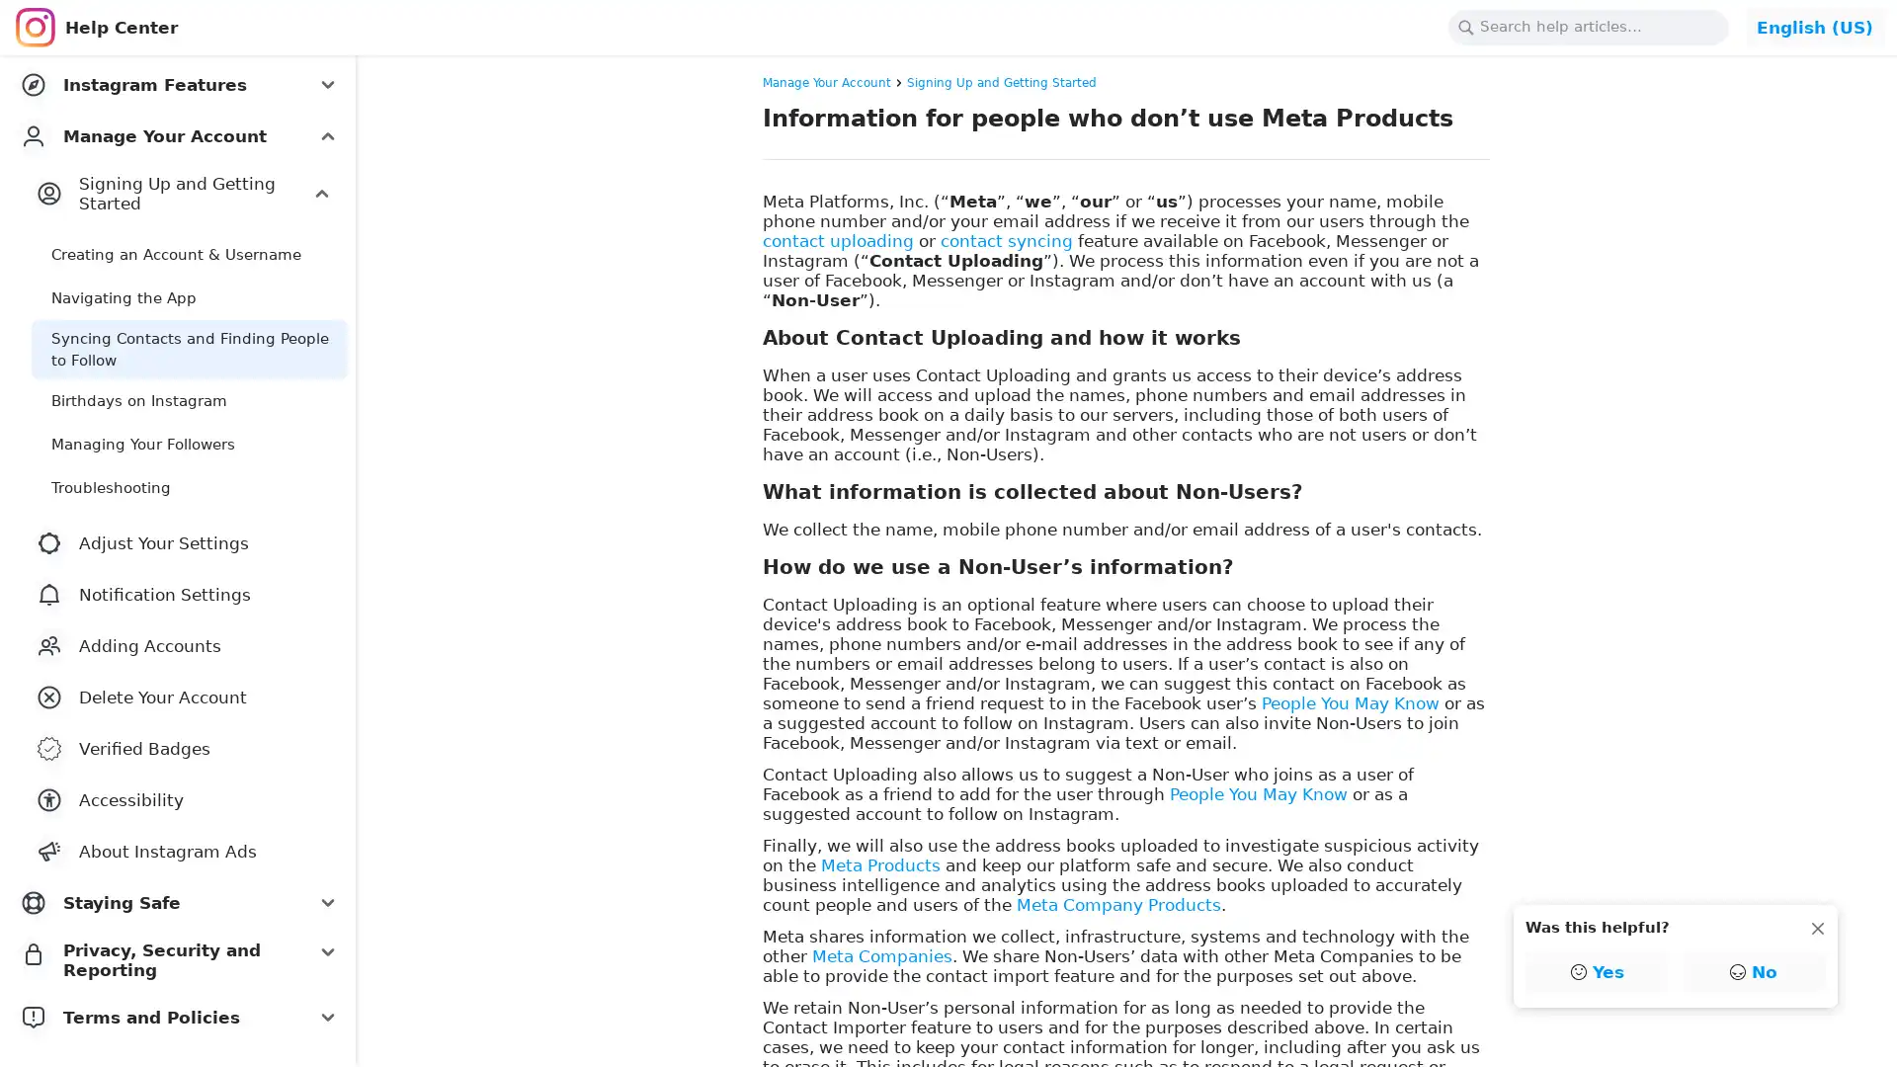  Describe the element at coordinates (1754, 970) in the screenshot. I see `No` at that location.